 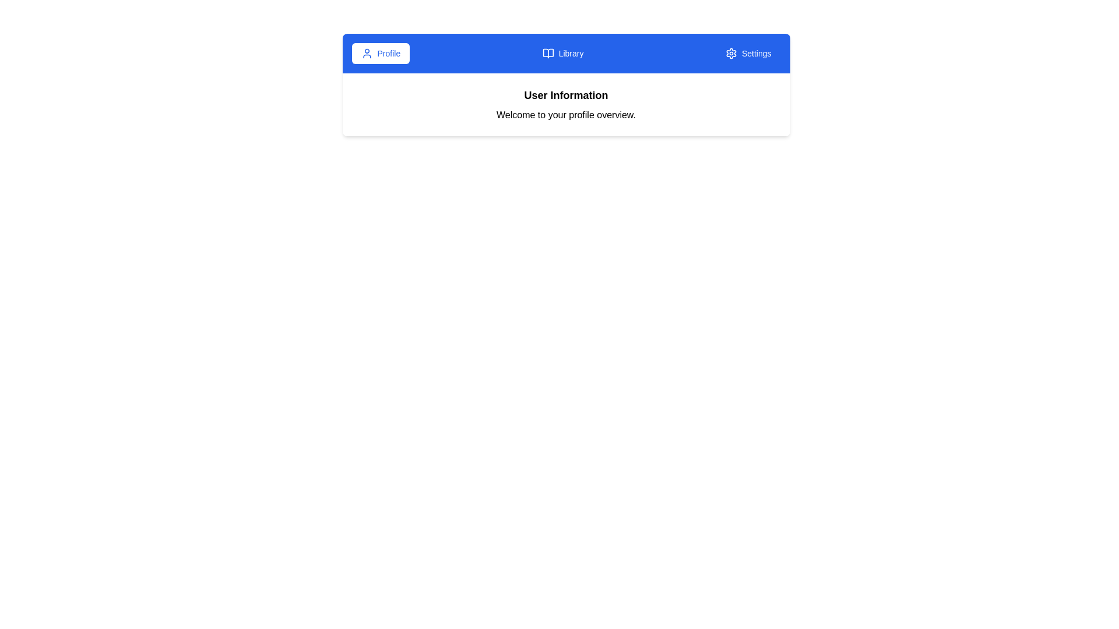 What do you see at coordinates (566, 95) in the screenshot?
I see `the prominent text label 'User Information' which is styled in bold and positioned centrally above the smaller text line 'Welcome to your profile overview'` at bounding box center [566, 95].